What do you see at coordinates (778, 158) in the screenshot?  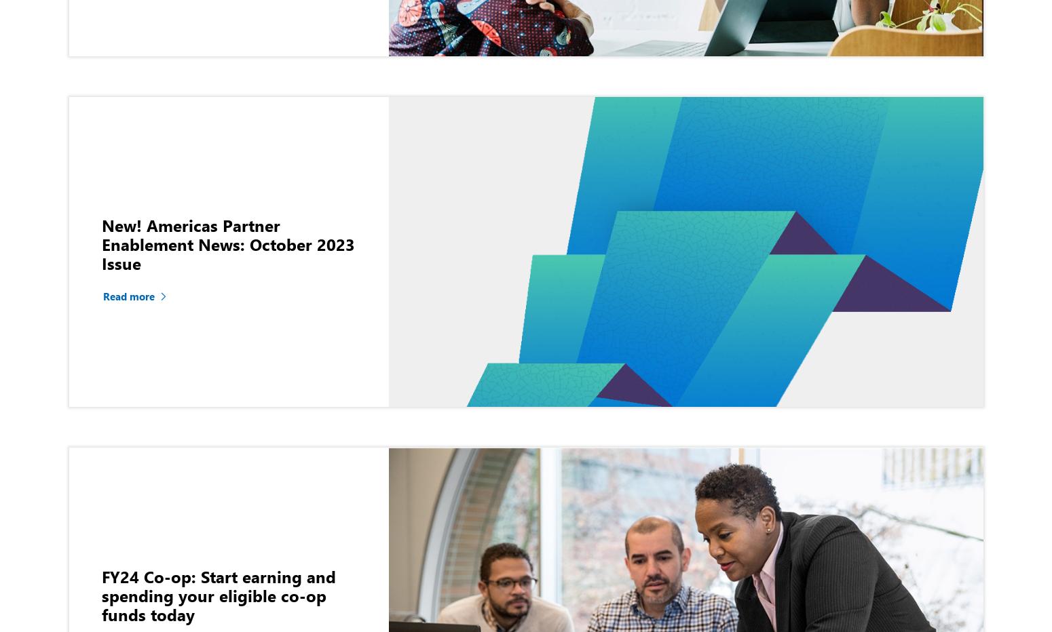 I see `'Training Schedule'` at bounding box center [778, 158].